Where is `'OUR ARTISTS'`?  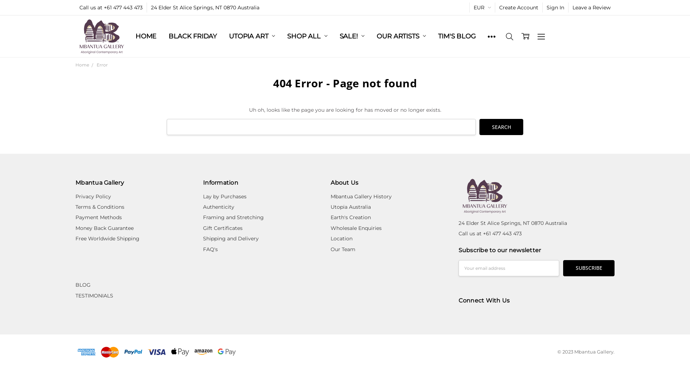
'OUR ARTISTS' is located at coordinates (401, 36).